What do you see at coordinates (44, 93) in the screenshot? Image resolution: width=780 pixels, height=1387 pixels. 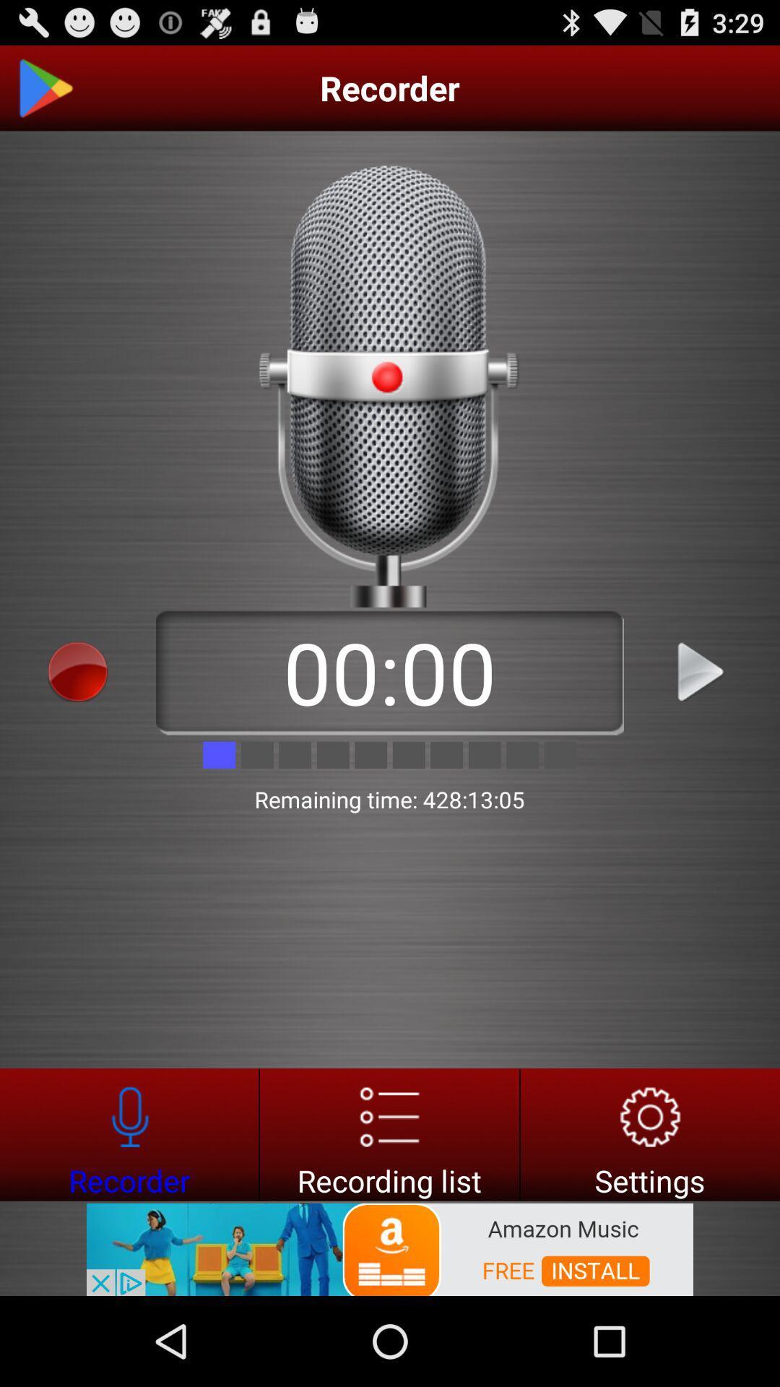 I see `the play icon` at bounding box center [44, 93].